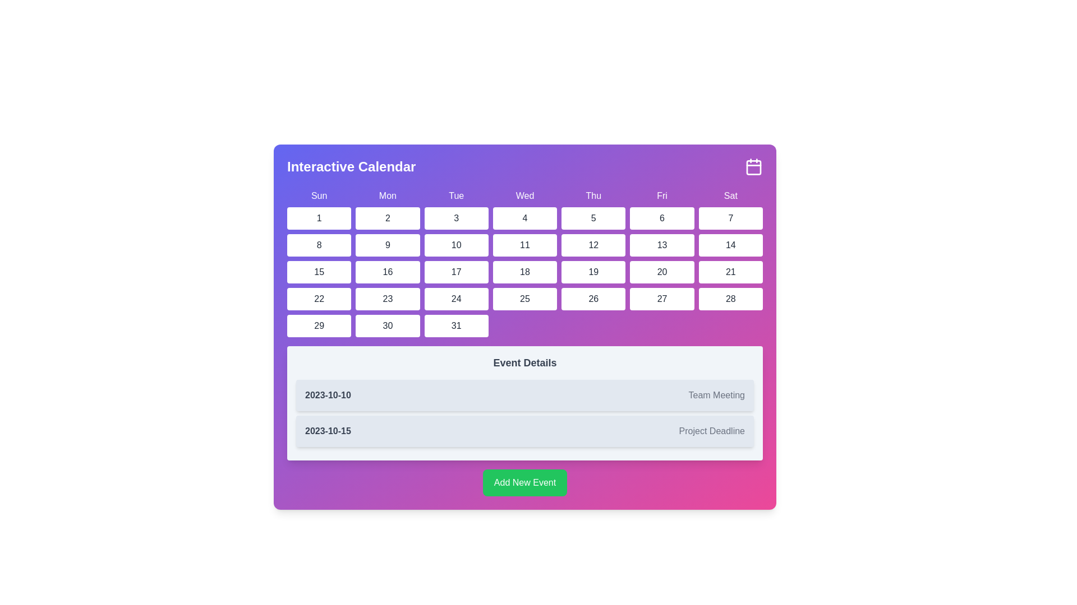  What do you see at coordinates (388, 272) in the screenshot?
I see `the button that allows users to select the day '16' in the interactive calendar located in the fourth row and second column corresponding to Monday` at bounding box center [388, 272].